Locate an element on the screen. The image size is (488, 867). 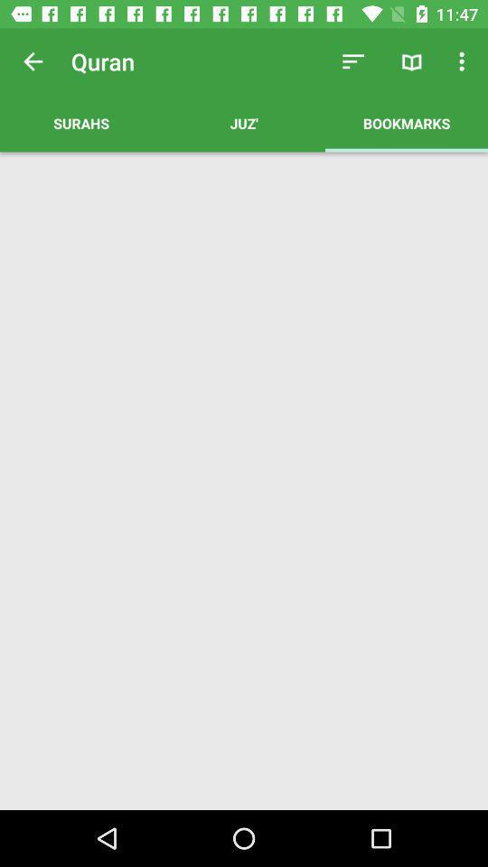
item next to the surahs is located at coordinates (353, 61).